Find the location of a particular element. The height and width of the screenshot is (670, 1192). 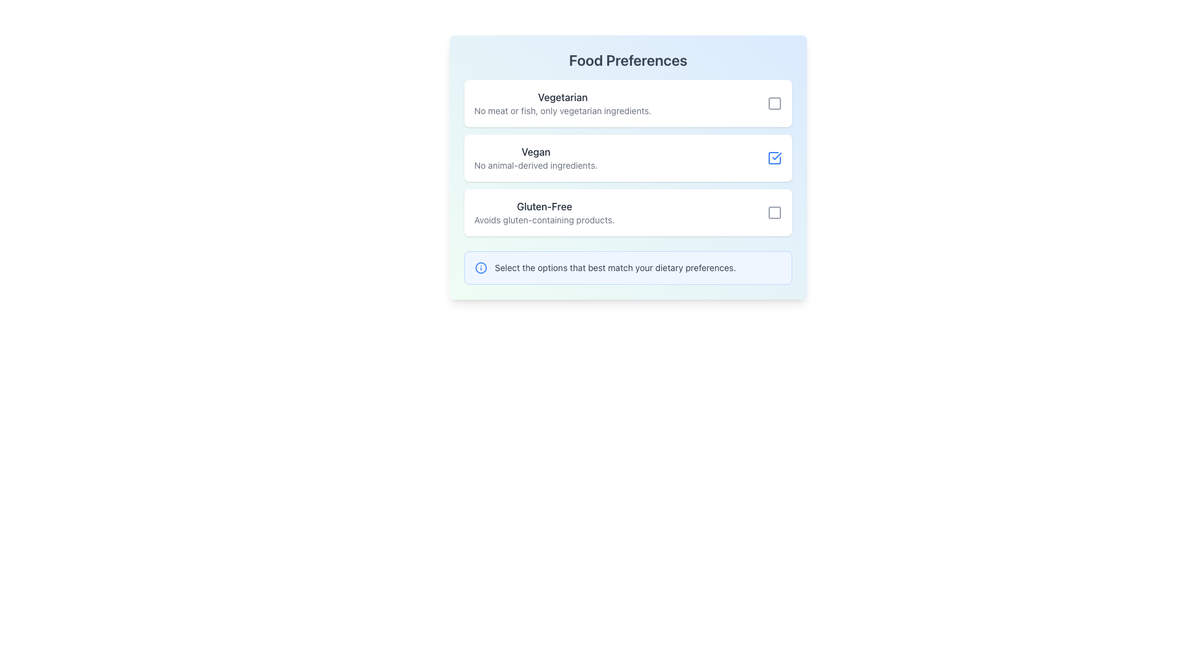

the inner part of the unselected checkbox for the 'Vegetarian' option in the 'Food Preferences' list is located at coordinates (774, 102).